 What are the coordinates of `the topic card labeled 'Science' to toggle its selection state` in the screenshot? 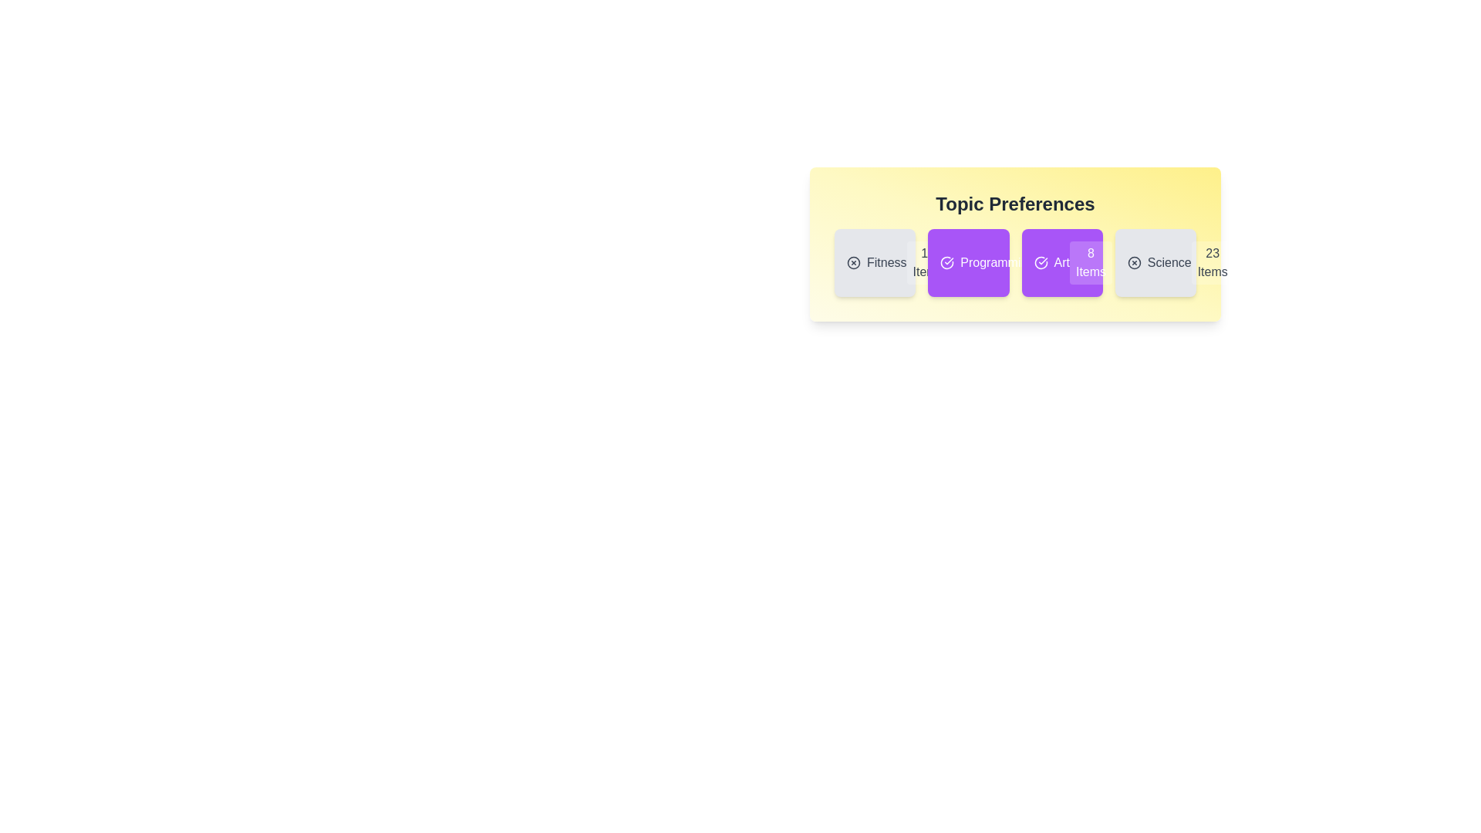 It's located at (1155, 261).